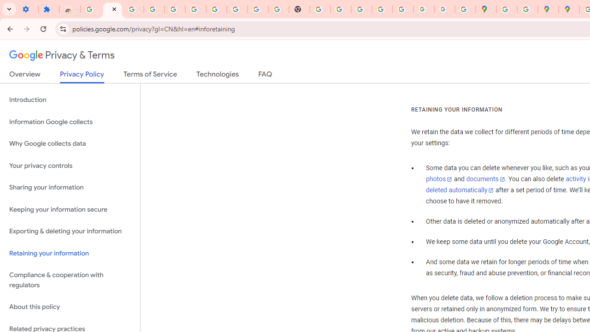  I want to click on 'Reviews: Helix Fruit Jump Arcade Game', so click(70, 9).